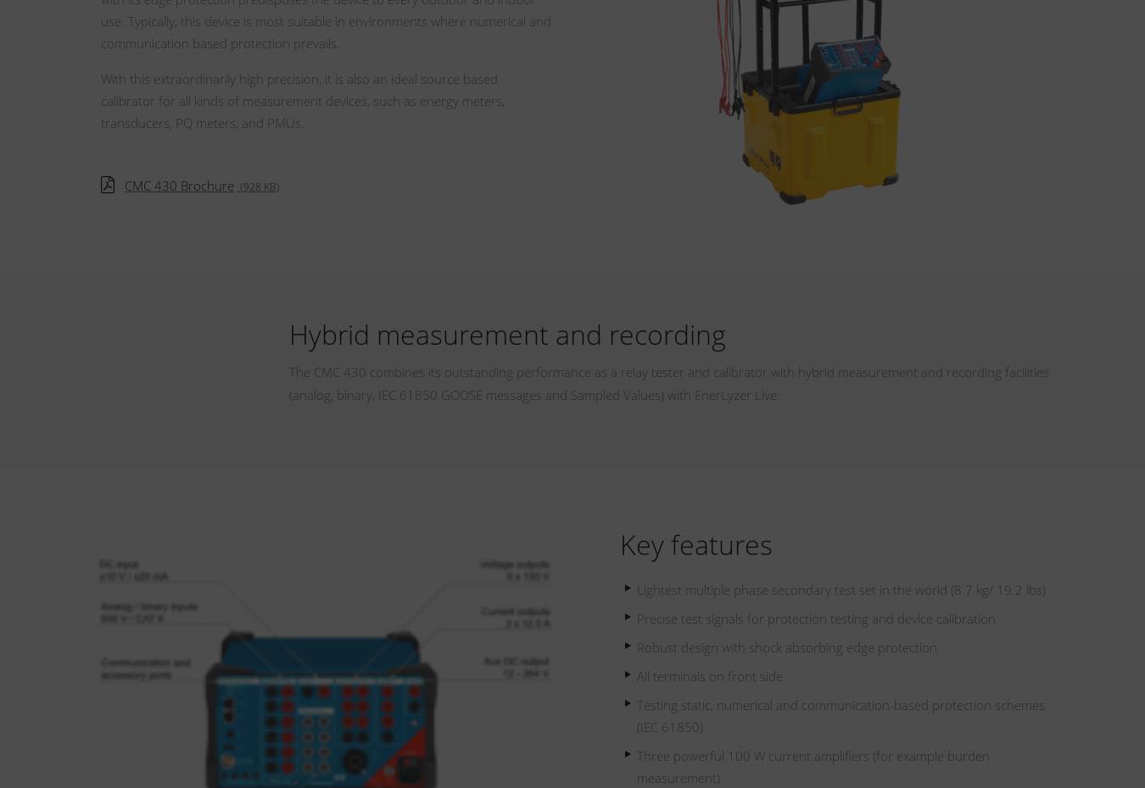 The width and height of the screenshot is (1145, 788). I want to click on 'The CMC 430 combines its outstanding performance as a relay tester and calibrator with hybrid measurement and recording facilities (analog, binary, IEC 61850 GOOSE messages and Sampled Values) with EnerLyzer Live.', so click(667, 382).